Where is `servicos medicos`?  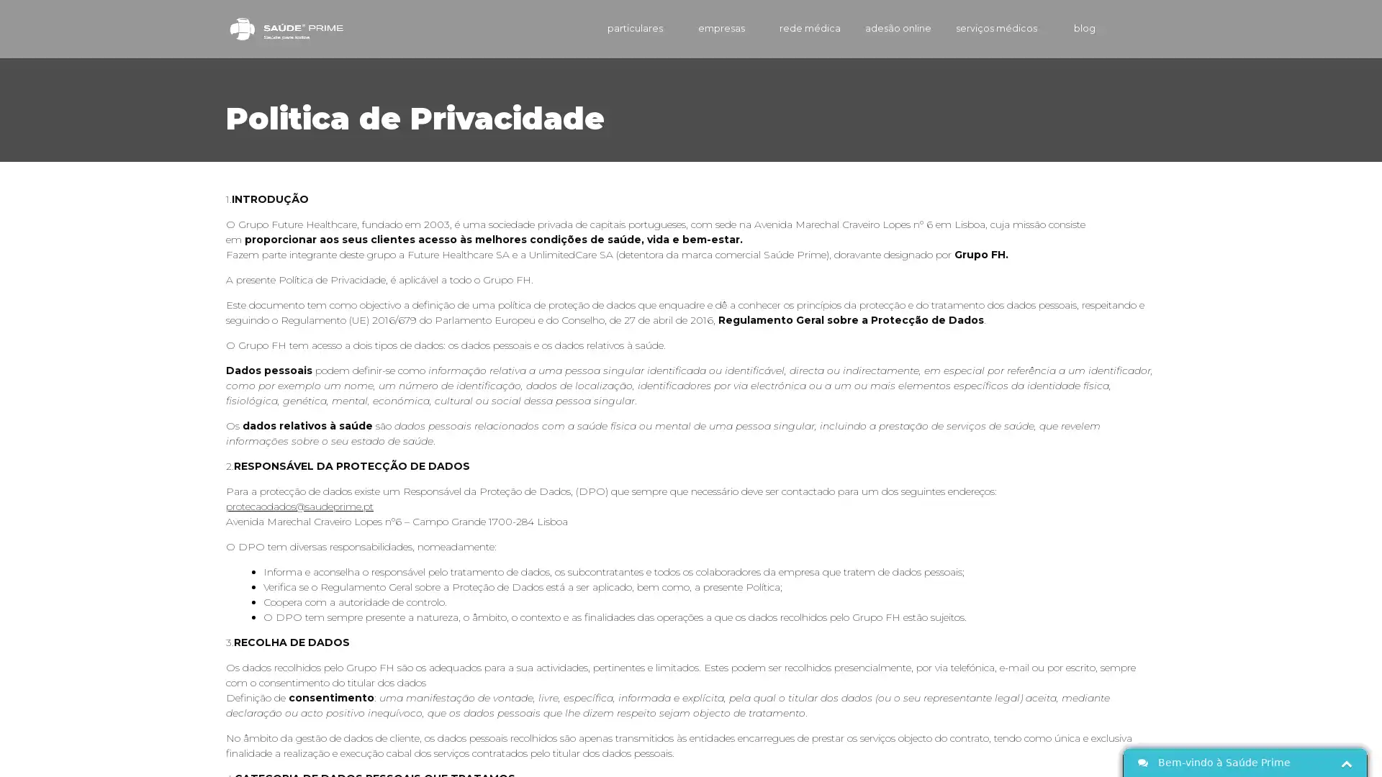 servicos medicos is located at coordinates (987, 28).